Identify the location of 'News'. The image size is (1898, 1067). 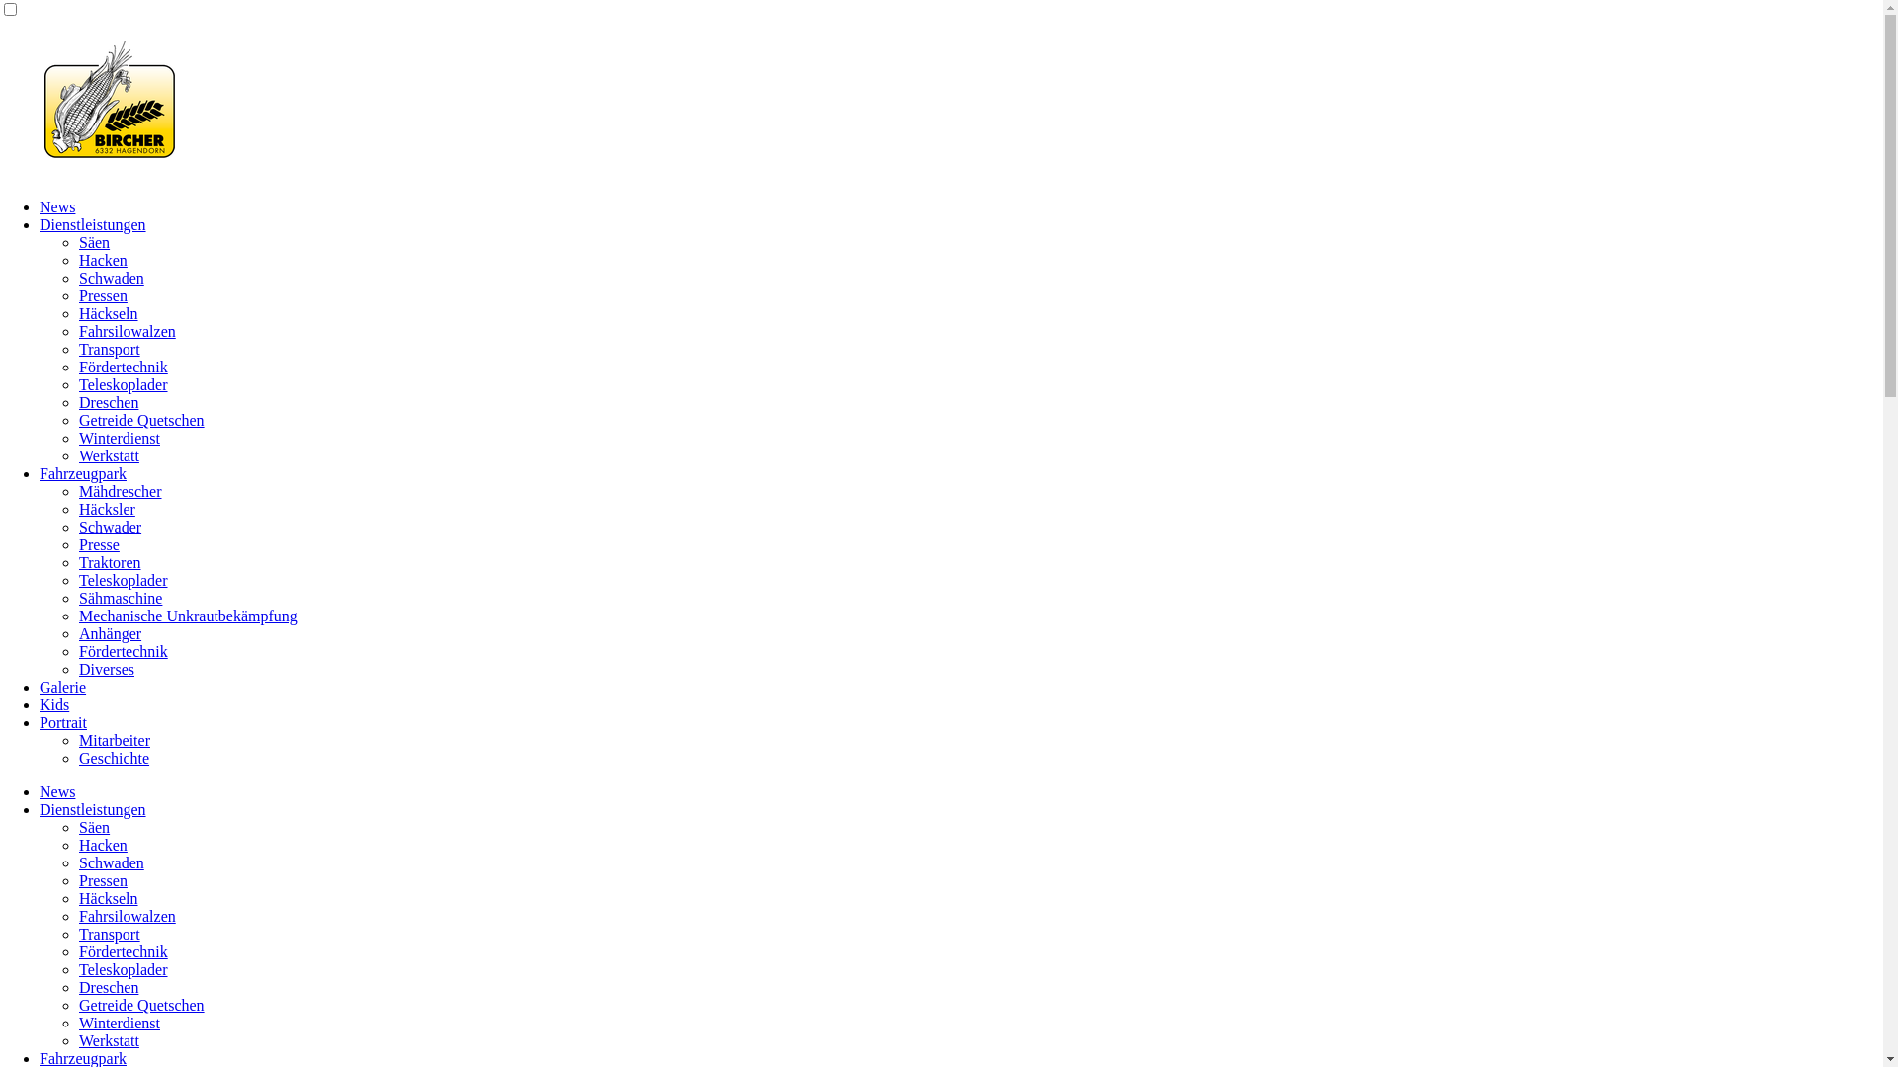
(56, 206).